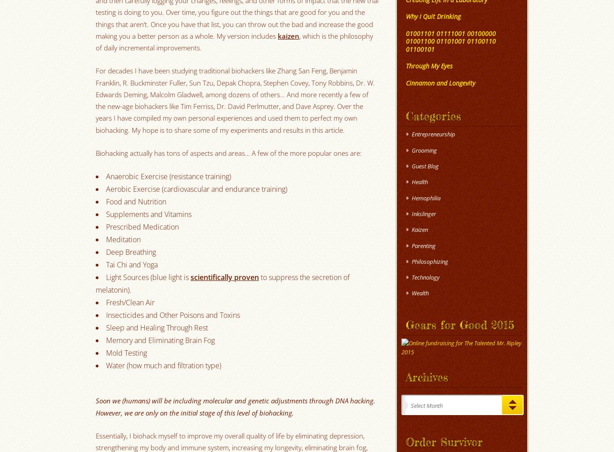 This screenshot has height=452, width=614. I want to click on '01001101 01111001 00100000 01001100 01101001 01100110 01100101', so click(405, 41).